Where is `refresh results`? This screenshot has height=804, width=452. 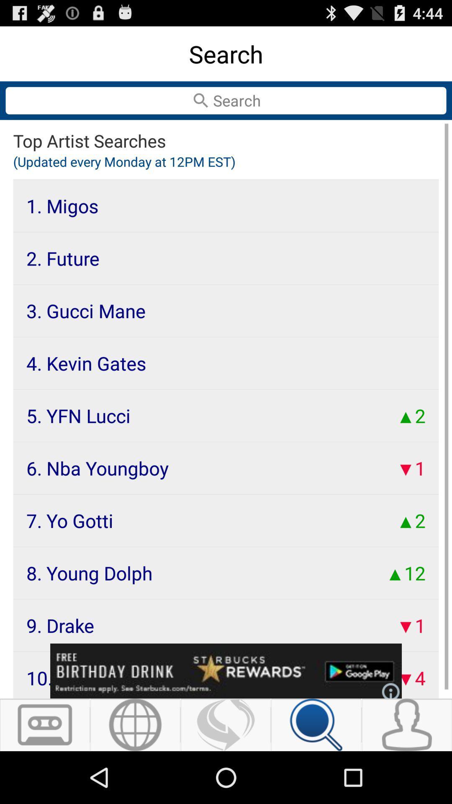
refresh results is located at coordinates (225, 724).